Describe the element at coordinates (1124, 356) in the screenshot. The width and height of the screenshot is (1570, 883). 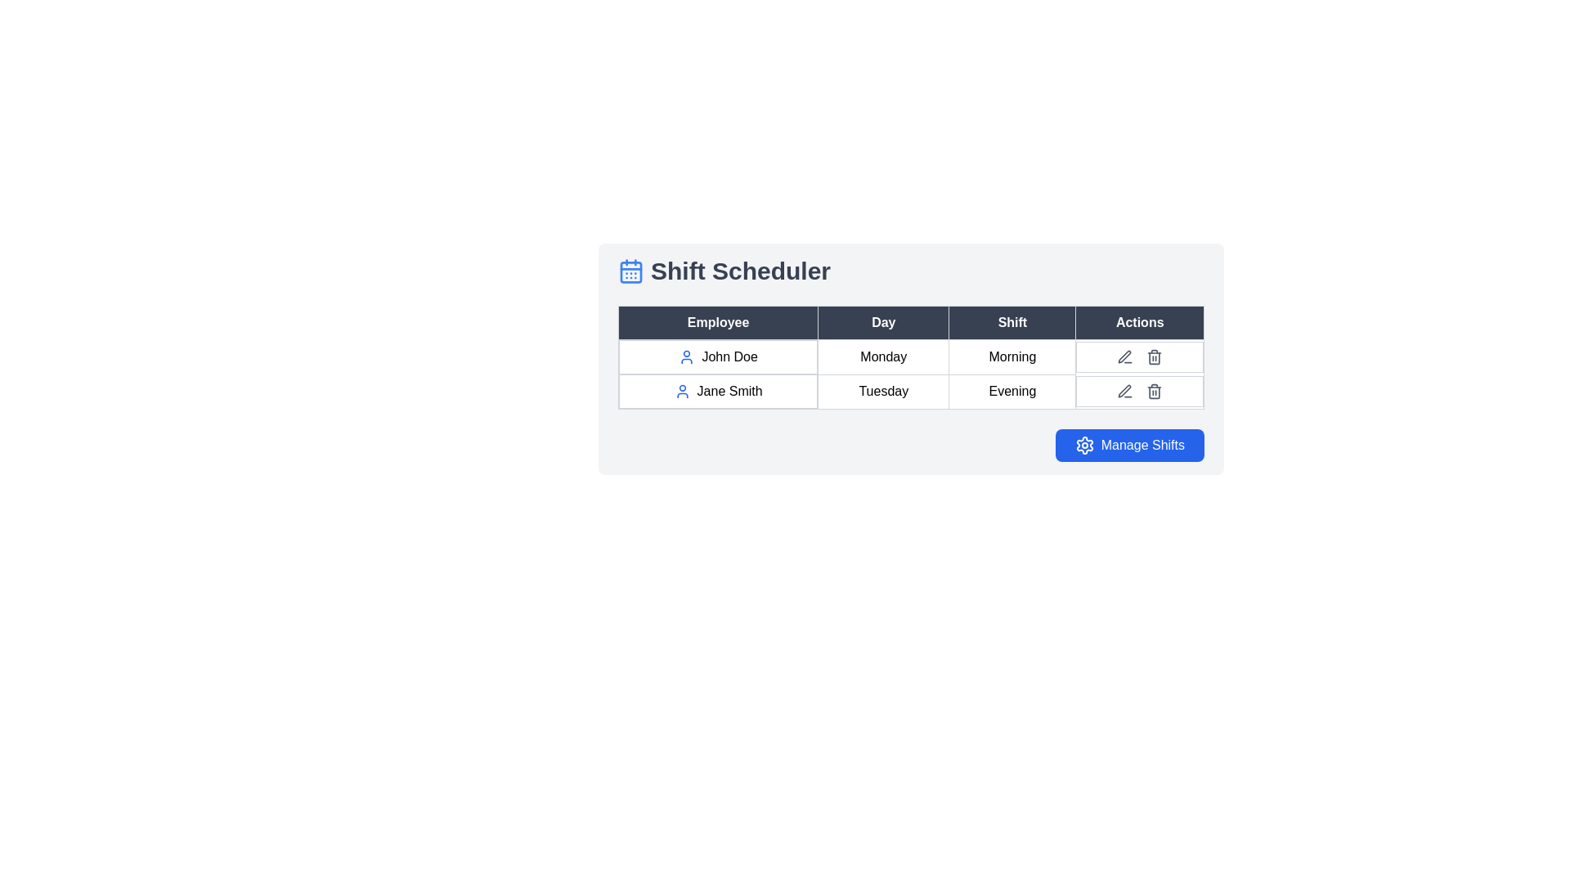
I see `the edit icon located in the 'Actions' column of the second row of the table` at that location.